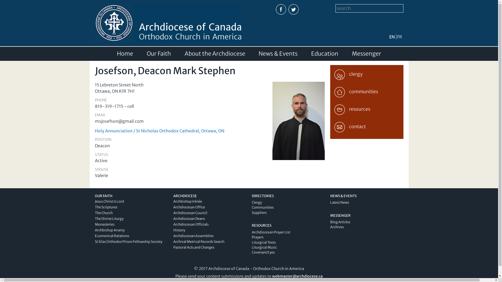 This screenshot has height=282, width=502. Describe the element at coordinates (263, 252) in the screenshot. I see `'Covenant Eyes'` at that location.